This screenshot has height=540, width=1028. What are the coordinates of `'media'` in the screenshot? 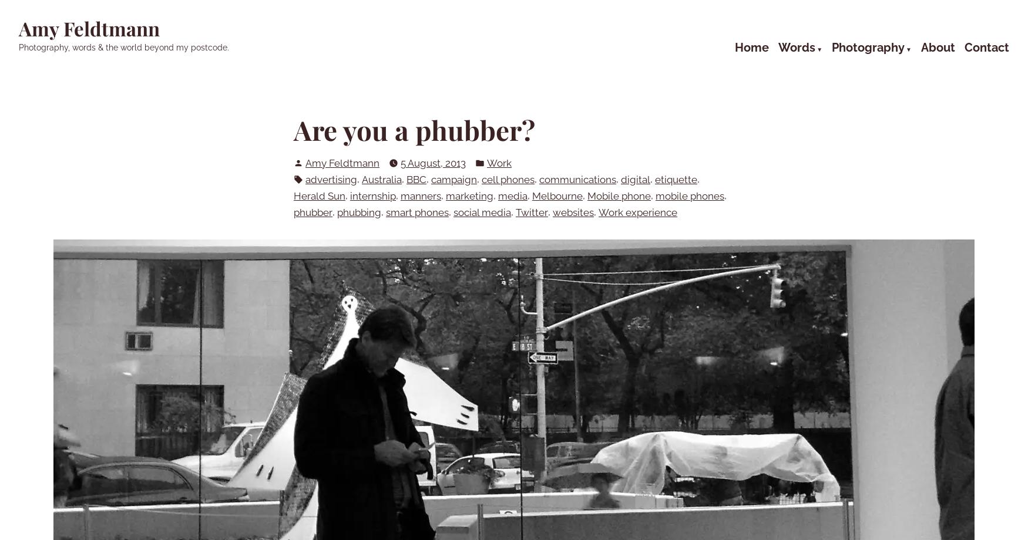 It's located at (513, 195).